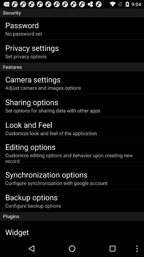 This screenshot has height=257, width=144. What do you see at coordinates (56, 183) in the screenshot?
I see `icon above the backup options app` at bounding box center [56, 183].